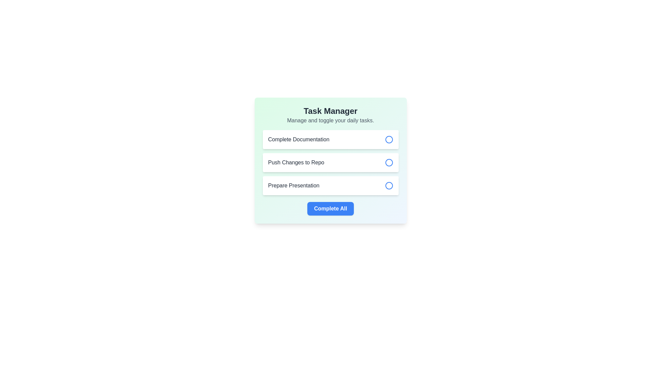  I want to click on the circular blue selection button of the 'Push Changes to Repo' list item, so click(330, 162).